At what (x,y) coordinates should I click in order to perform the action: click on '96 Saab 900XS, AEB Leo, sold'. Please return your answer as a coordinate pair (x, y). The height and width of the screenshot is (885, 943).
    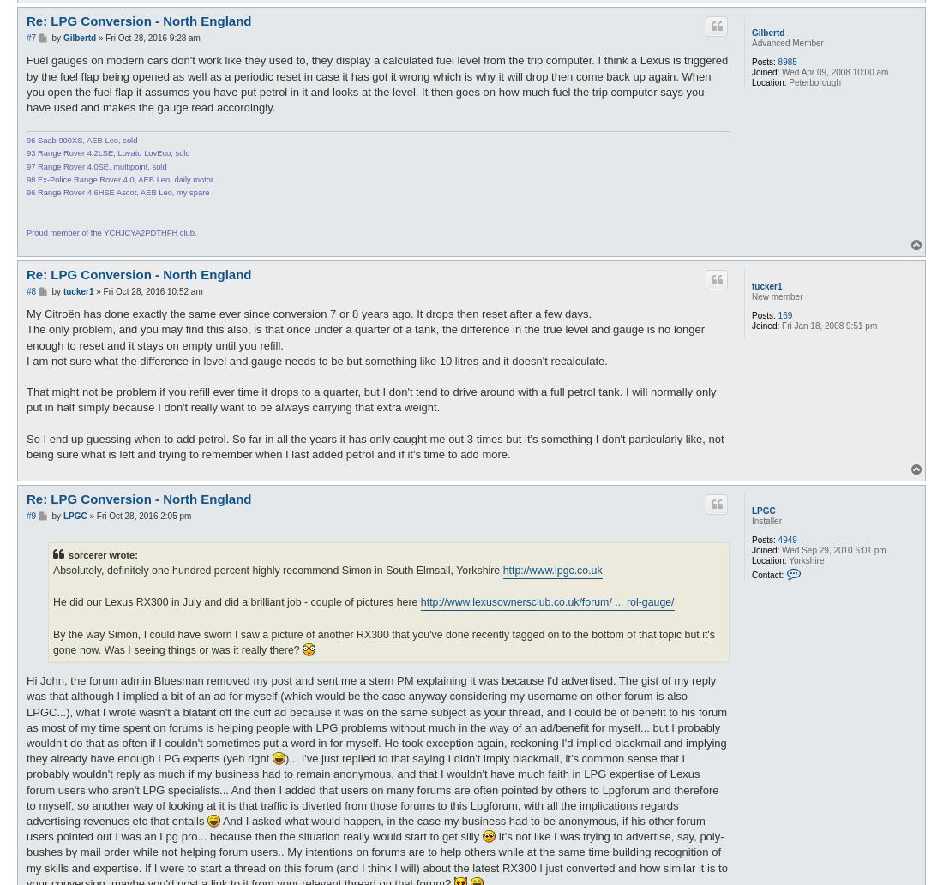
    Looking at the image, I should click on (81, 140).